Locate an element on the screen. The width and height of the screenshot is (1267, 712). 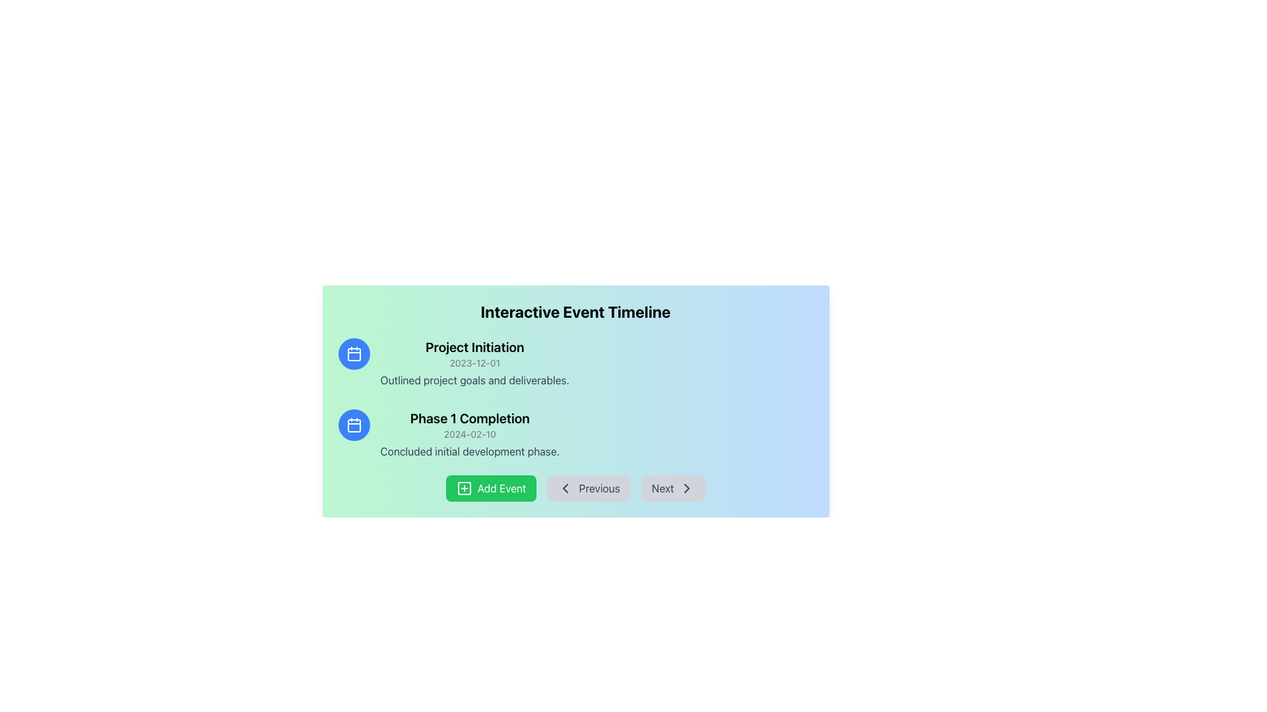
the green square button with a white cross icon, which is part of the 'Add Event' button located at the bottom-left corner of the interactive event timeline section is located at coordinates (464, 488).